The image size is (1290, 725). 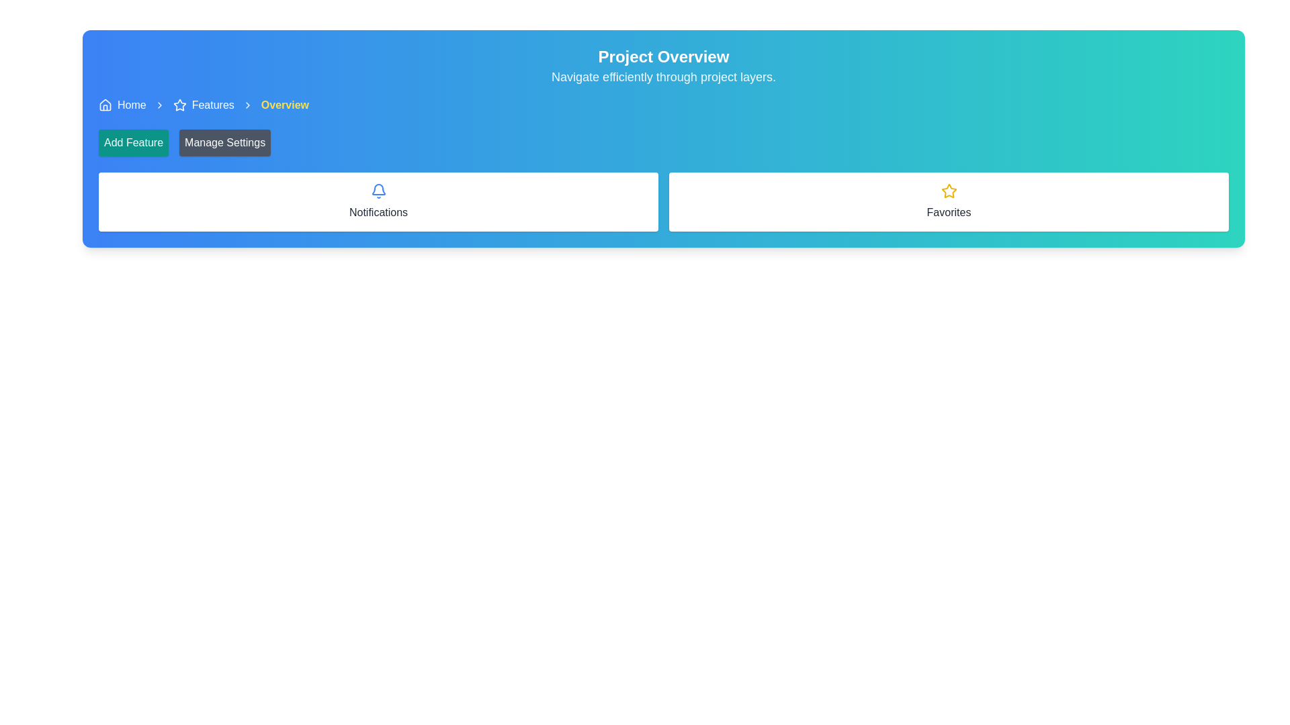 I want to click on the yellow star-shaped icon representing the favorites functionality to mark it as favorite, so click(x=948, y=191).